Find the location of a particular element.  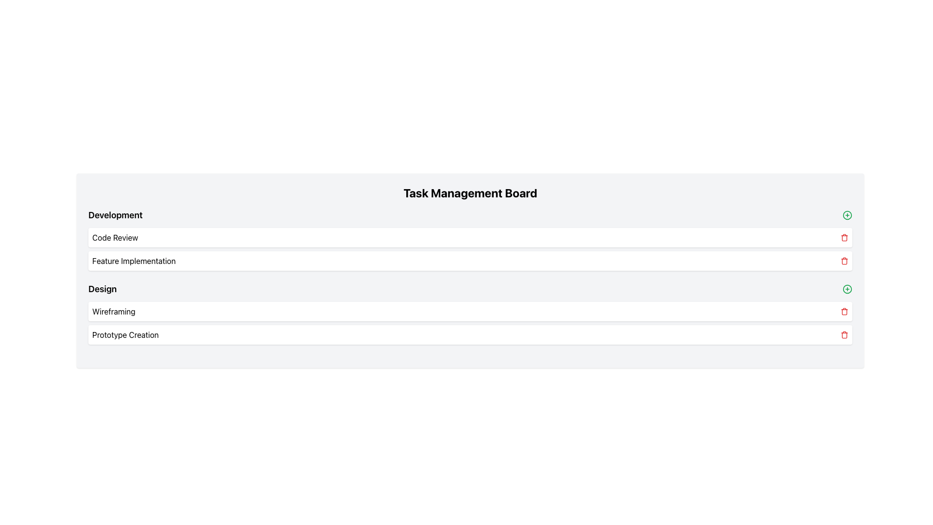

the text label stating 'Feature Implementation' located in the 'Development' section of the task management board, positioned below 'Code Review' is located at coordinates (133, 260).